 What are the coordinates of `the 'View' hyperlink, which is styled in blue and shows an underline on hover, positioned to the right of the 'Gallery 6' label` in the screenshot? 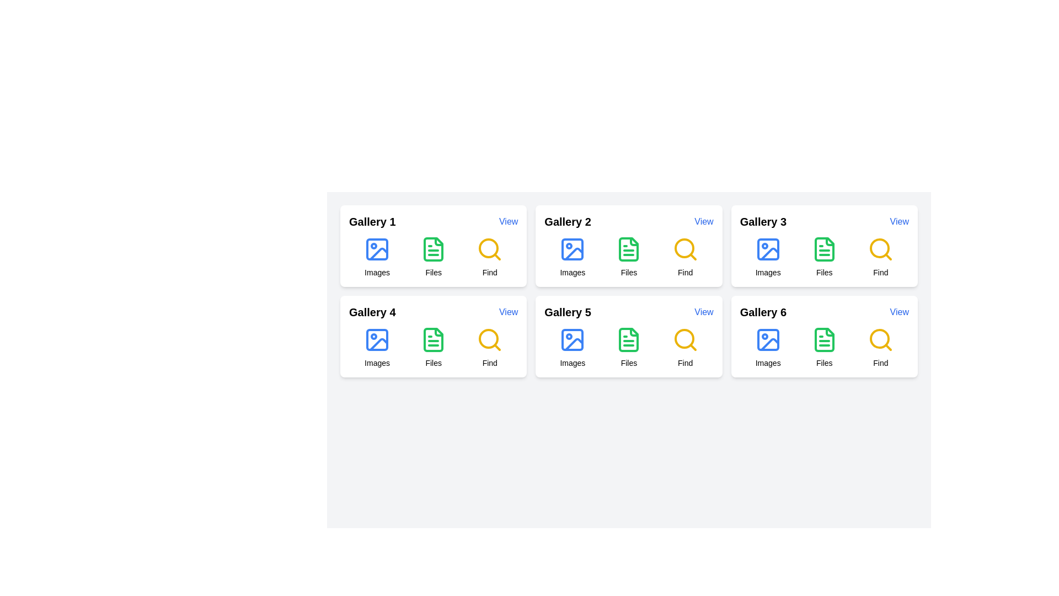 It's located at (899, 312).